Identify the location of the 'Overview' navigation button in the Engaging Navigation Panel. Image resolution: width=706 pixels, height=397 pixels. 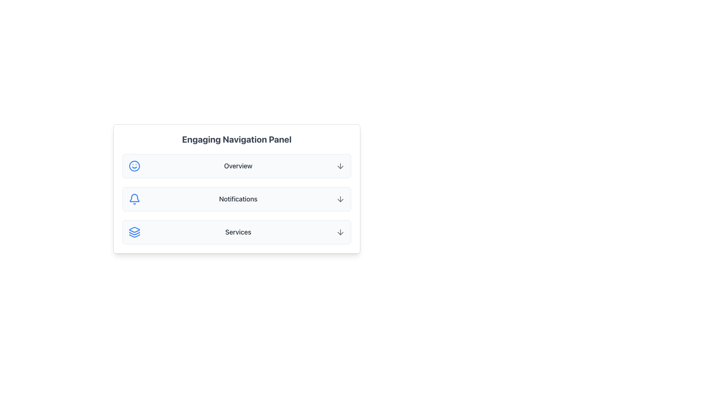
(236, 166).